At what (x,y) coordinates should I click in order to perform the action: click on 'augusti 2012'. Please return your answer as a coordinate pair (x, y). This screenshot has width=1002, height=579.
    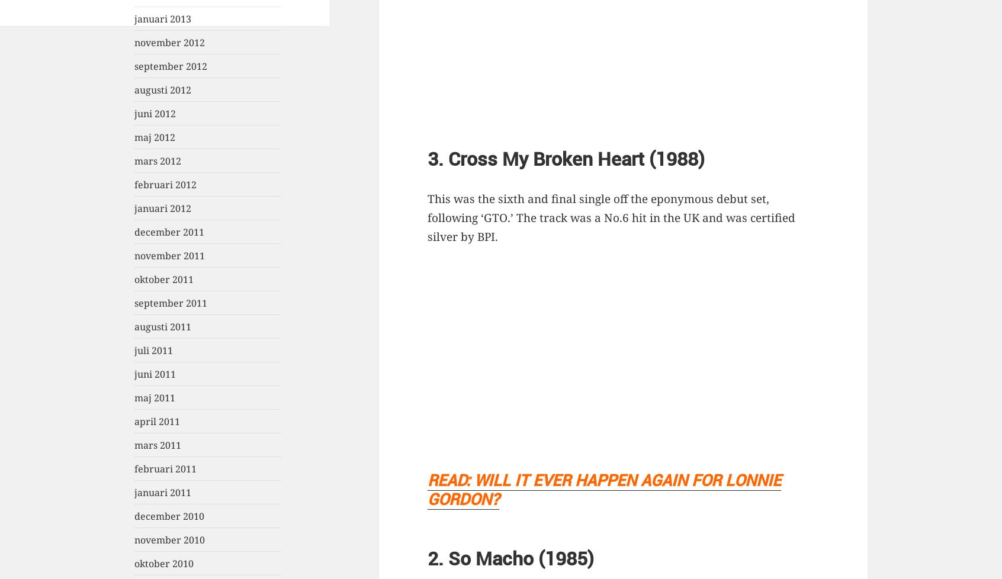
    Looking at the image, I should click on (134, 89).